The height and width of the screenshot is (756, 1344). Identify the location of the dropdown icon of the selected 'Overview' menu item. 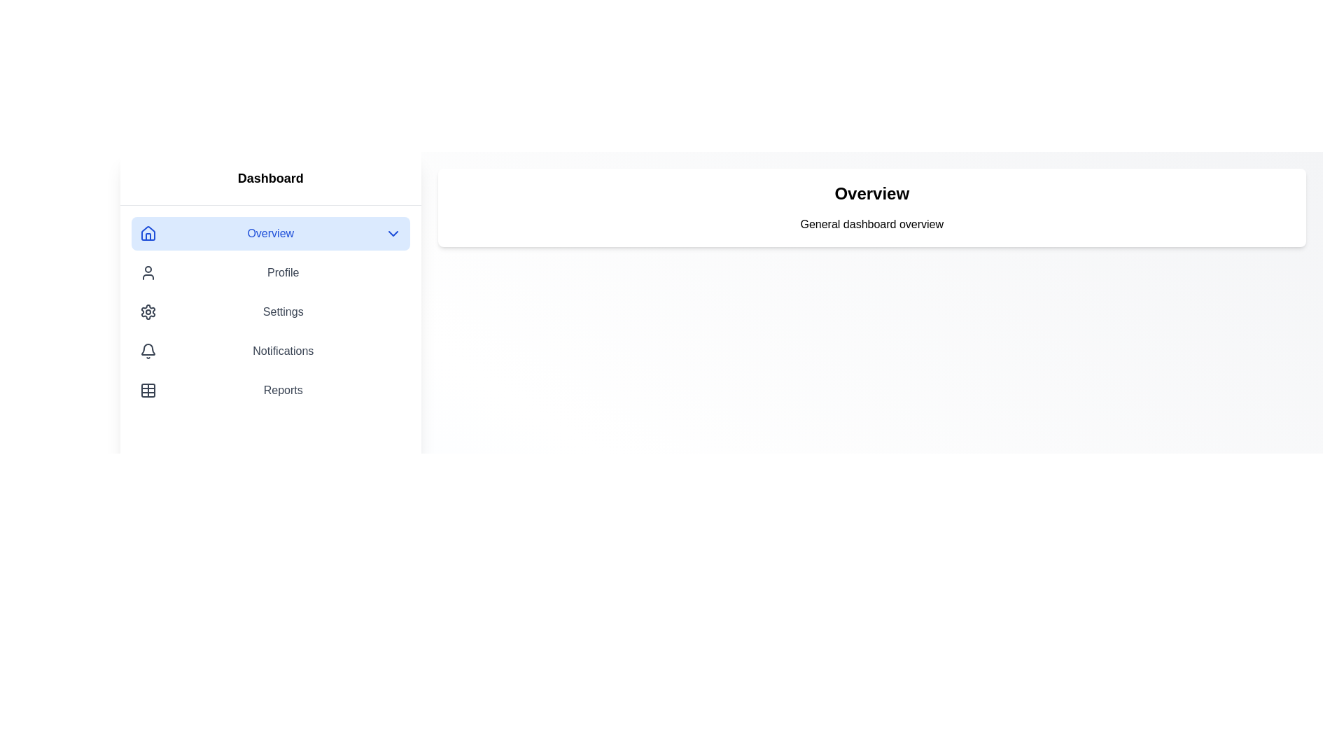
(392, 233).